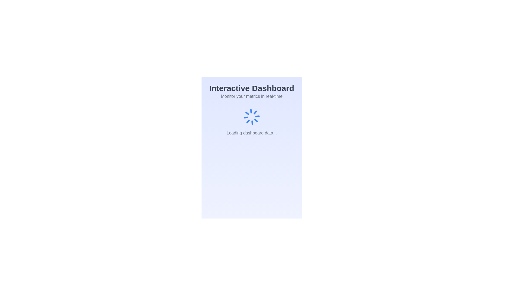 The height and width of the screenshot is (291, 518). I want to click on the descriptive text about the dashboard, which follows the title 'Interactive Dashboard' and provides information on real-time metric monitoring, so click(251, 96).